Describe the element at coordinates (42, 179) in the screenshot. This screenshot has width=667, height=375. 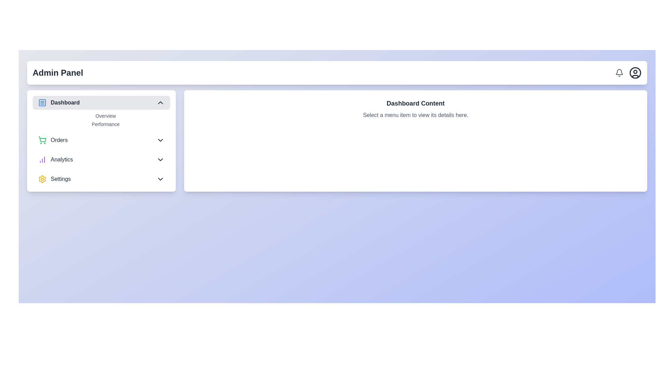
I see `the 'Settings' icon located on the left side of the interface, which serves as a visual indicator for the 'Settings' menu item, positioned before the 'Settings' label` at that location.